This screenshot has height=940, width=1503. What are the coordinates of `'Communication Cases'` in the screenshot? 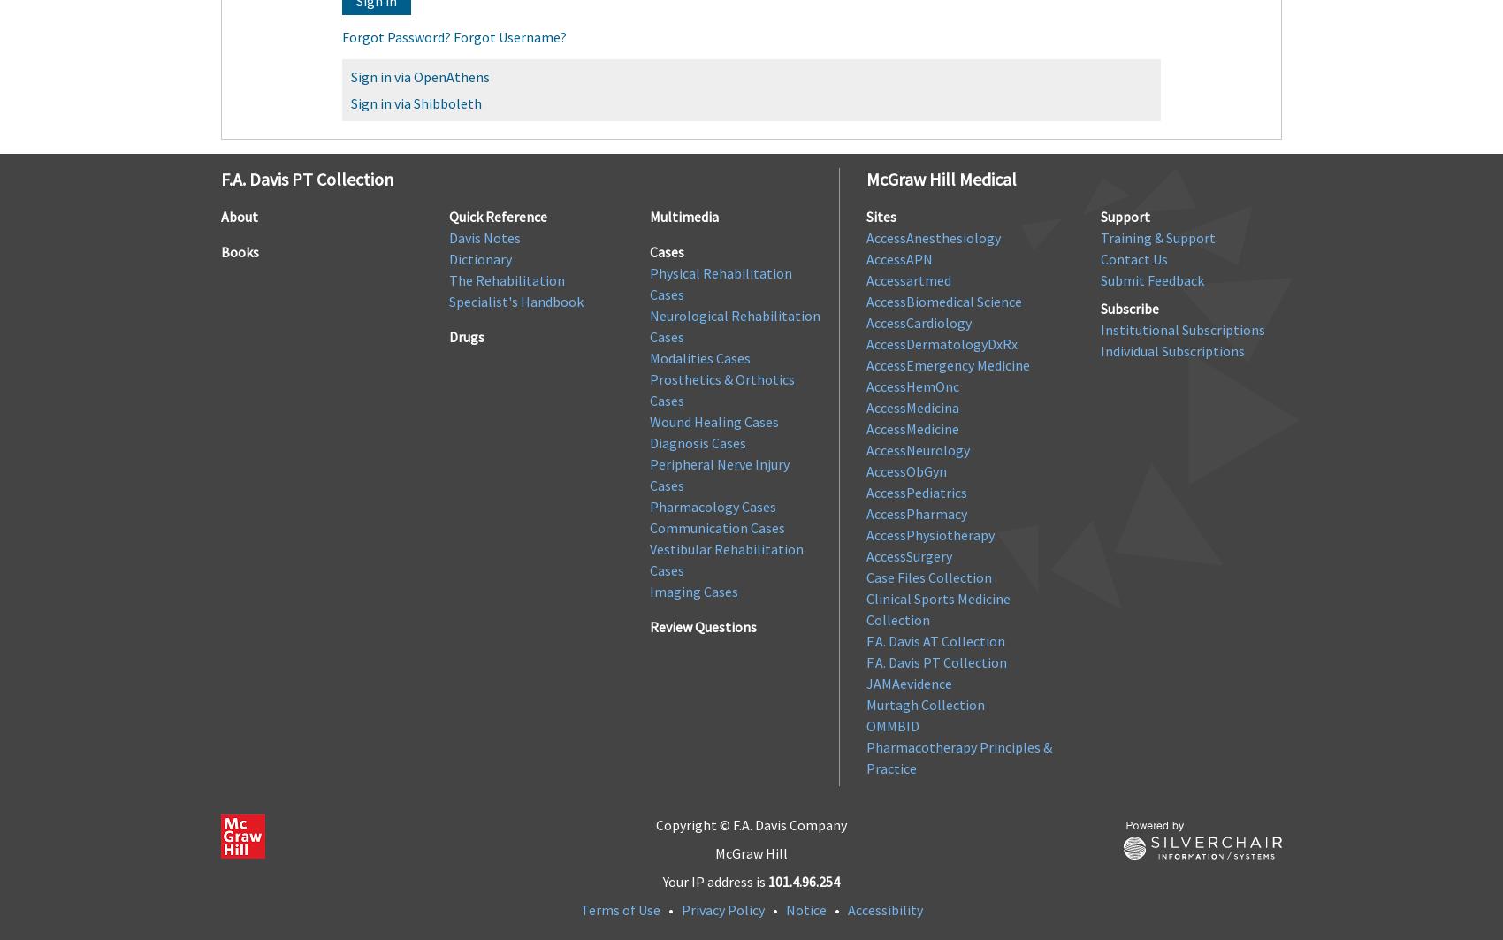 It's located at (716, 526).